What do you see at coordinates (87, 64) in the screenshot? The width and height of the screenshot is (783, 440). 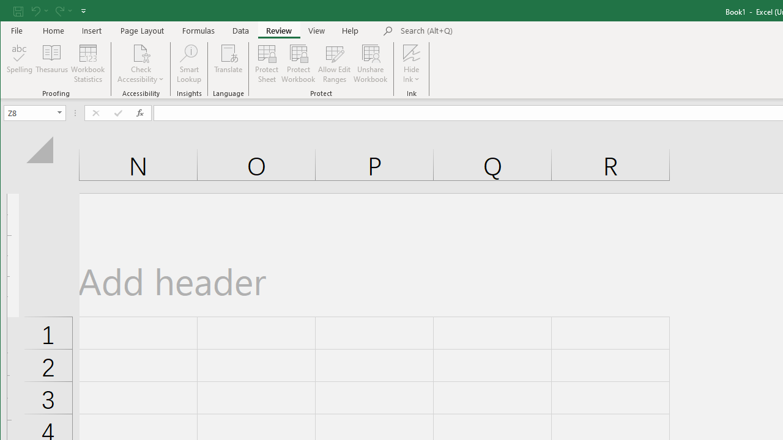 I see `'Workbook Statistics'` at bounding box center [87, 64].